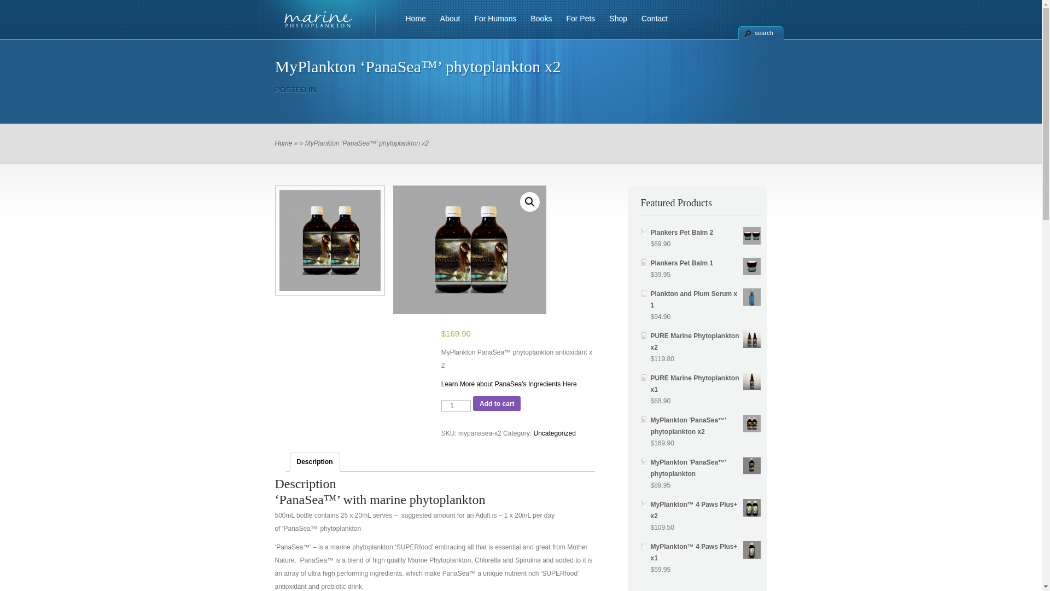  Describe the element at coordinates (496, 403) in the screenshot. I see `'Add to cart'` at that location.